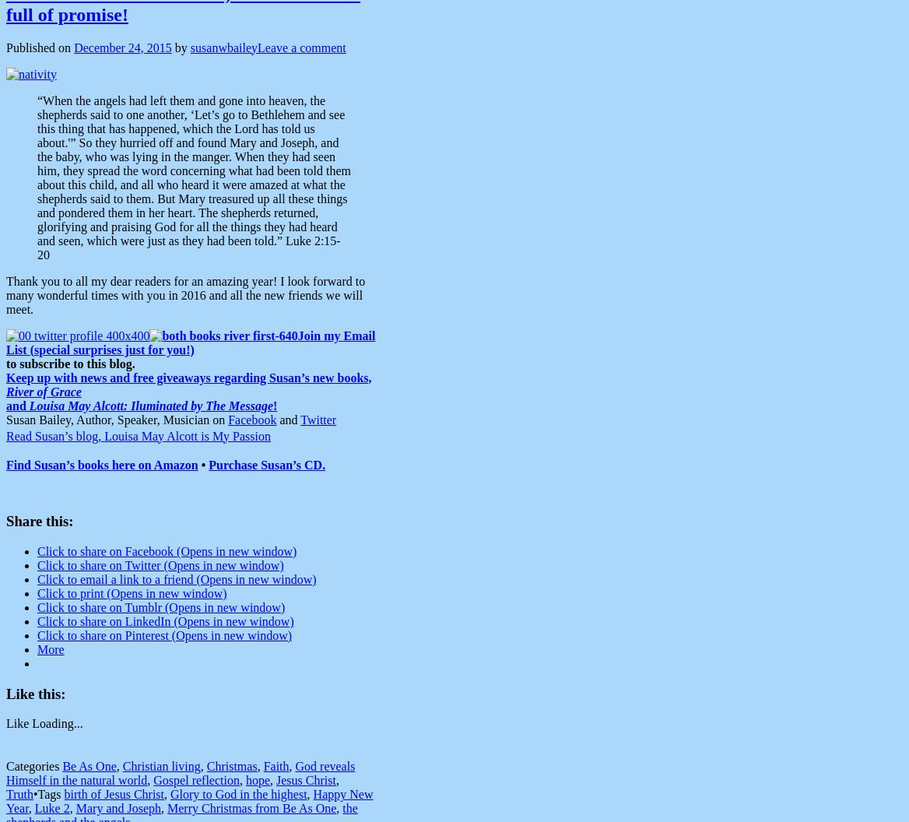 The image size is (909, 822). I want to click on 'Jesus Christ', so click(305, 779).